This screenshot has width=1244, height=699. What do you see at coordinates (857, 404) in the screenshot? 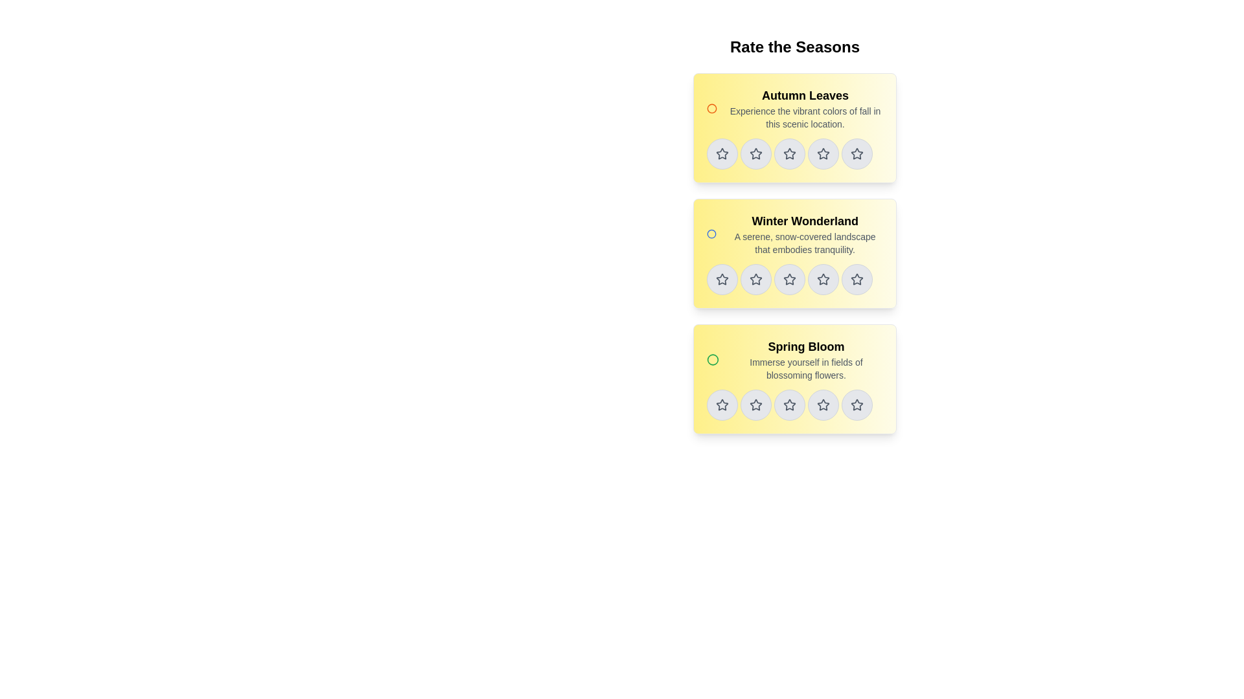
I see `the star-shaped icon within the fifth position of the horizontal row of stars in the 'Spring Bloom' rating section` at bounding box center [857, 404].